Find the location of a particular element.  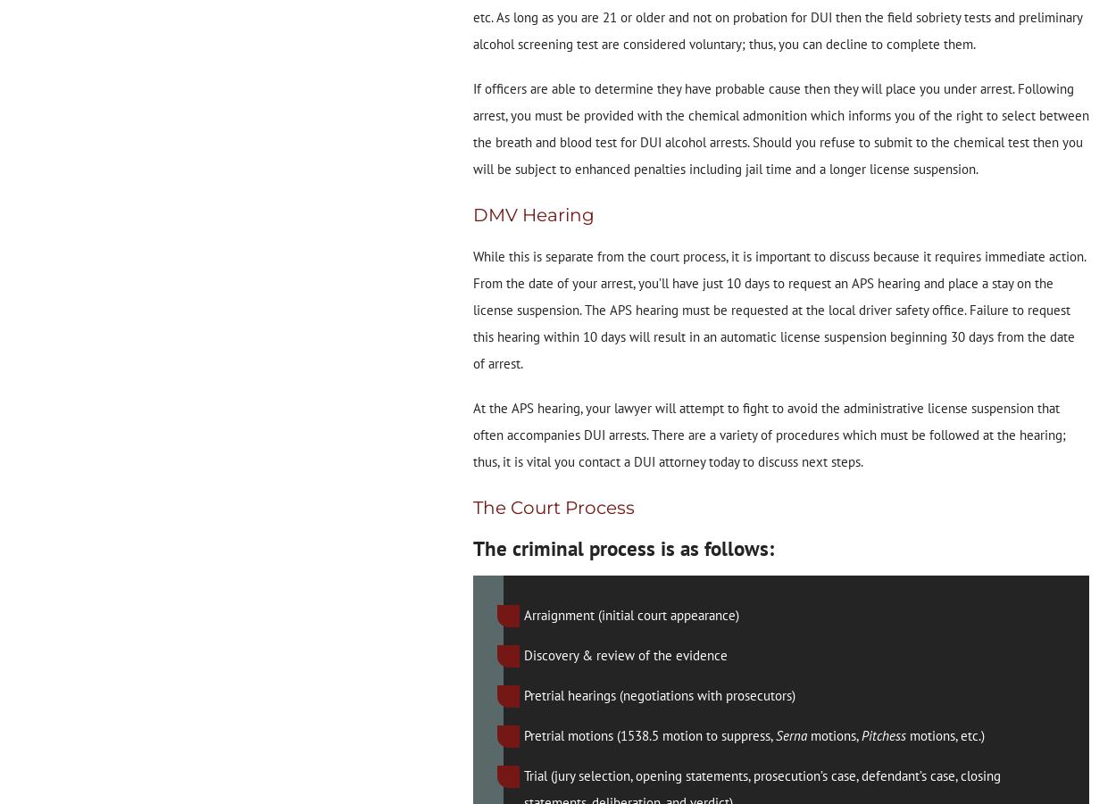

'Serna' is located at coordinates (793, 735).